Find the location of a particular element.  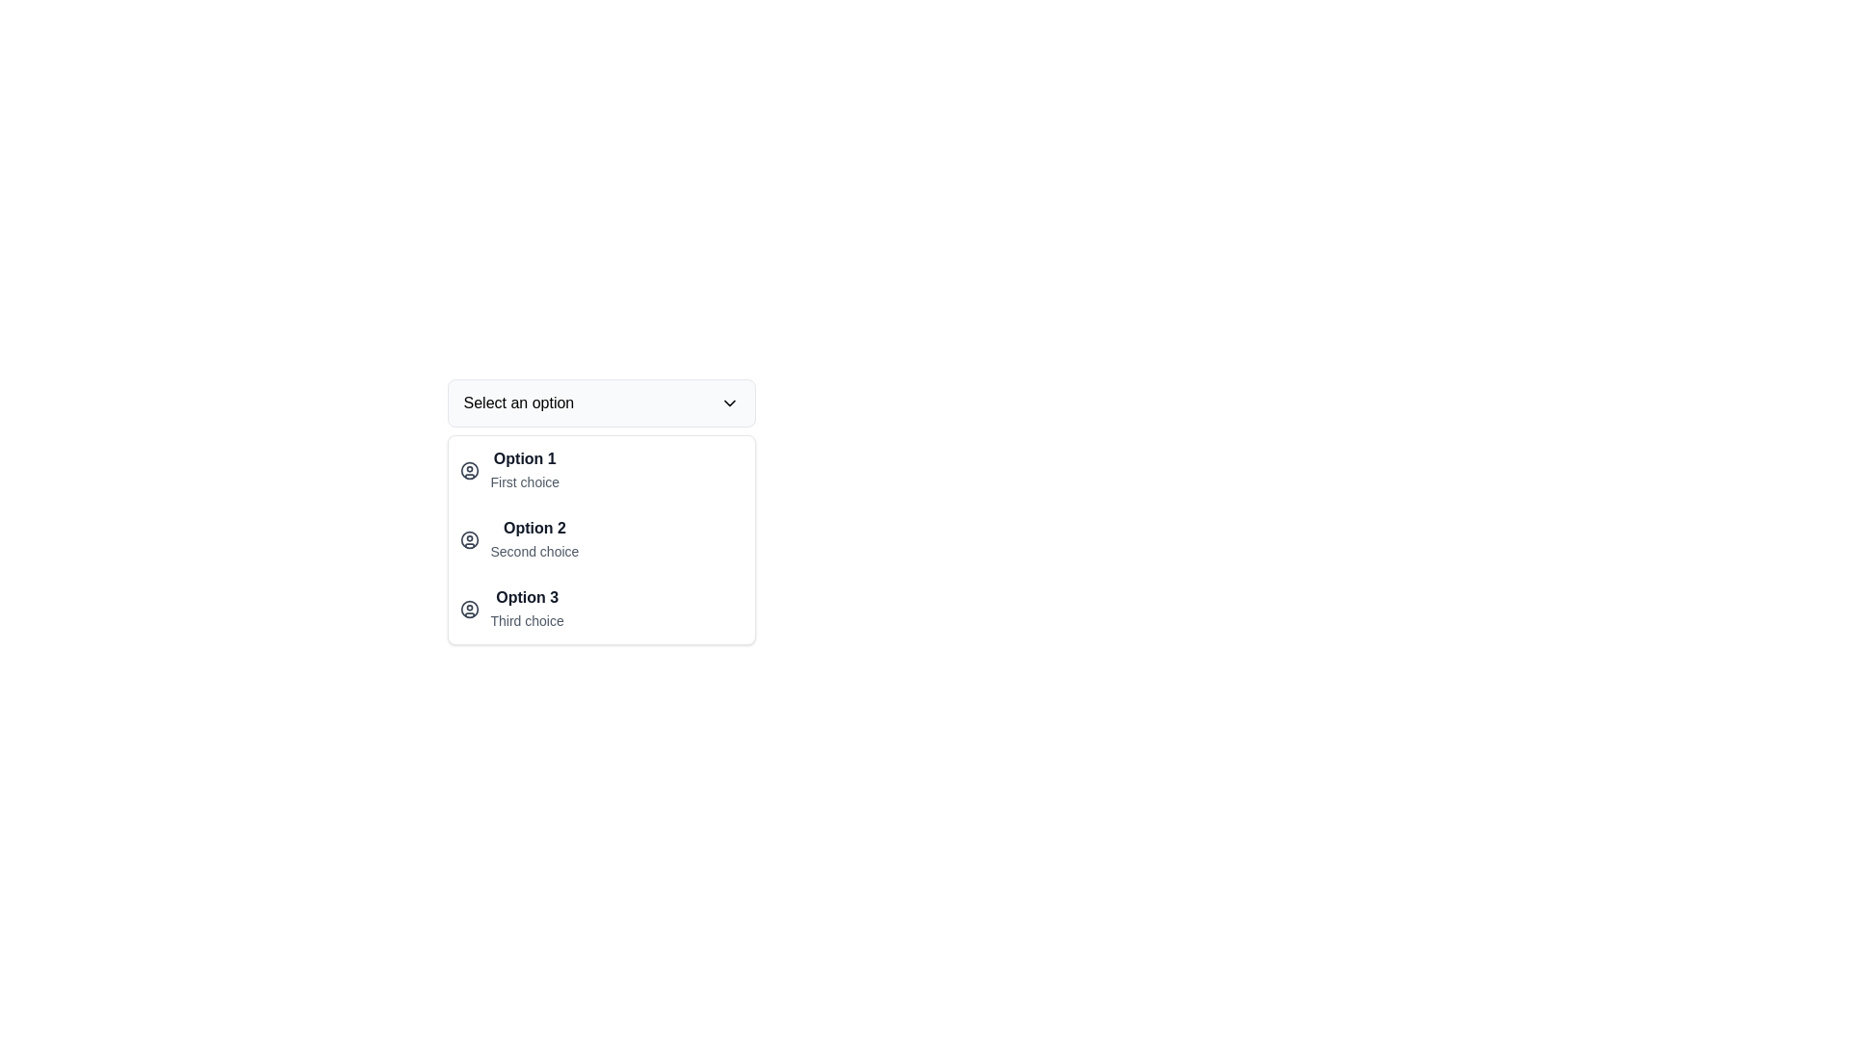

the third option in the dropdown list, which is represented by the Text Label is located at coordinates (527, 609).